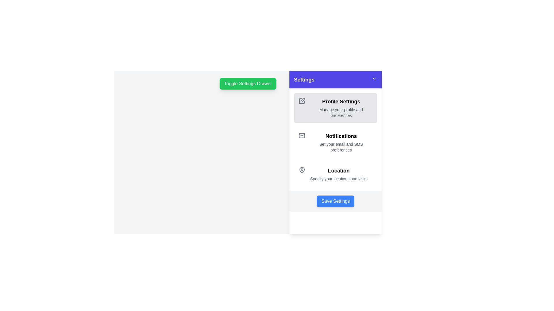 This screenshot has height=311, width=554. Describe the element at coordinates (335, 201) in the screenshot. I see `the save settings button located at the bottom right of the settings panel to observe its color change` at that location.